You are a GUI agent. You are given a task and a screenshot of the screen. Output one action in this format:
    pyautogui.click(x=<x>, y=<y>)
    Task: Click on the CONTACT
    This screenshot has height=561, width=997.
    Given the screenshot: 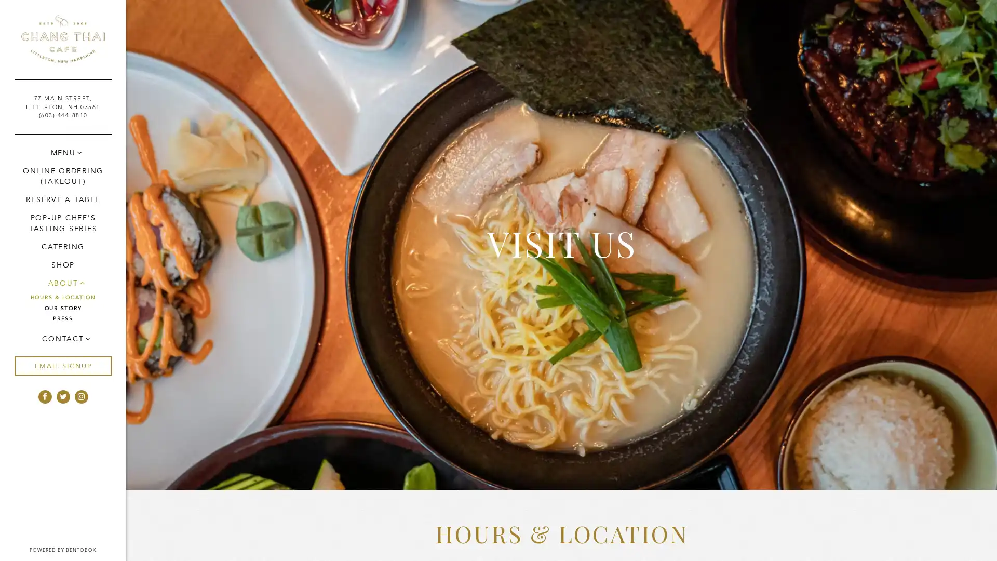 What is the action you would take?
    pyautogui.click(x=62, y=338)
    